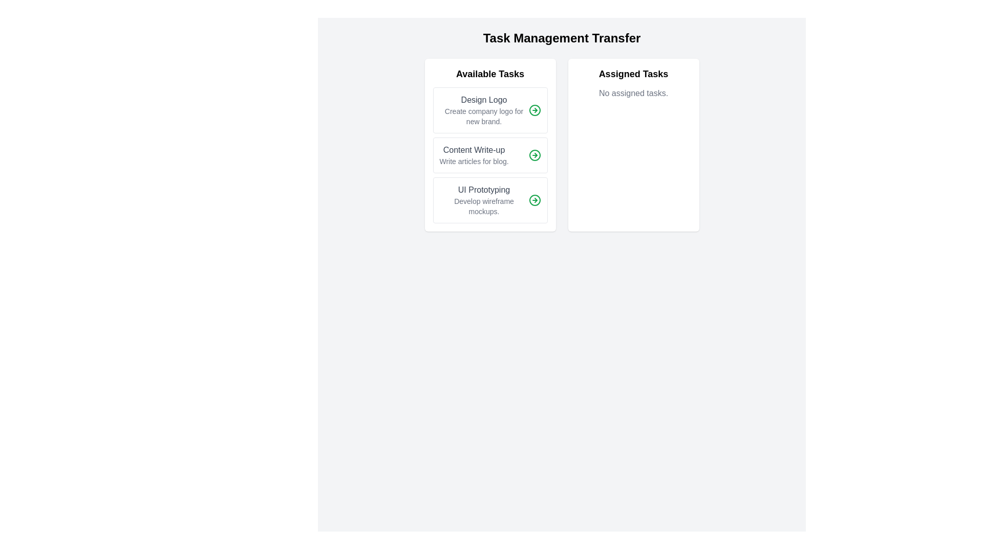 The image size is (983, 552). I want to click on the first task description element in the 'Available Tasks' list, so click(483, 110).